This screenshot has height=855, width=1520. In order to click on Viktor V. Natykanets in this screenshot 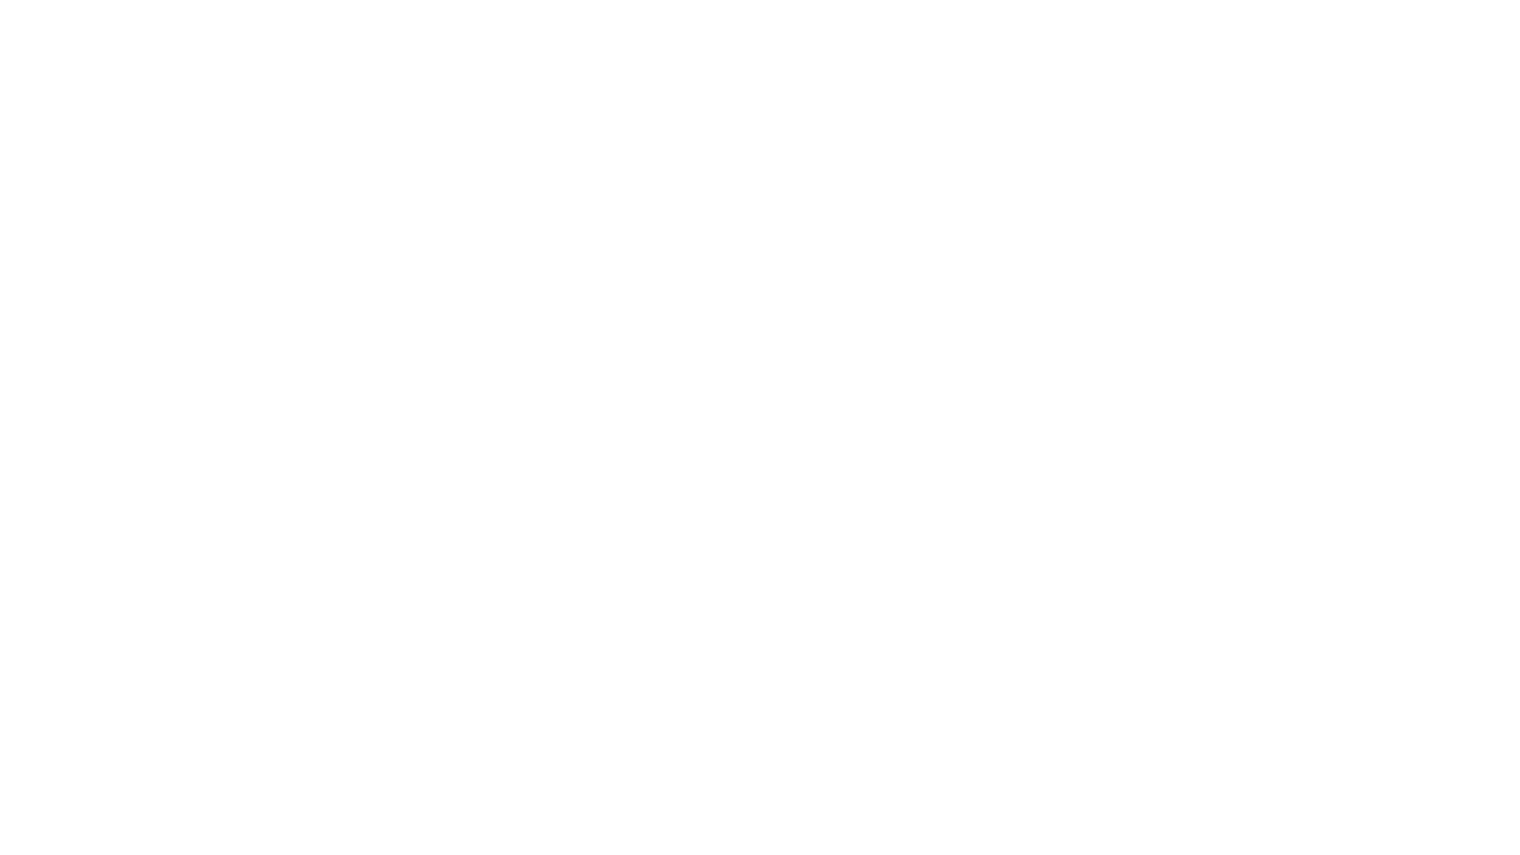, I will do `click(1205, 193)`.